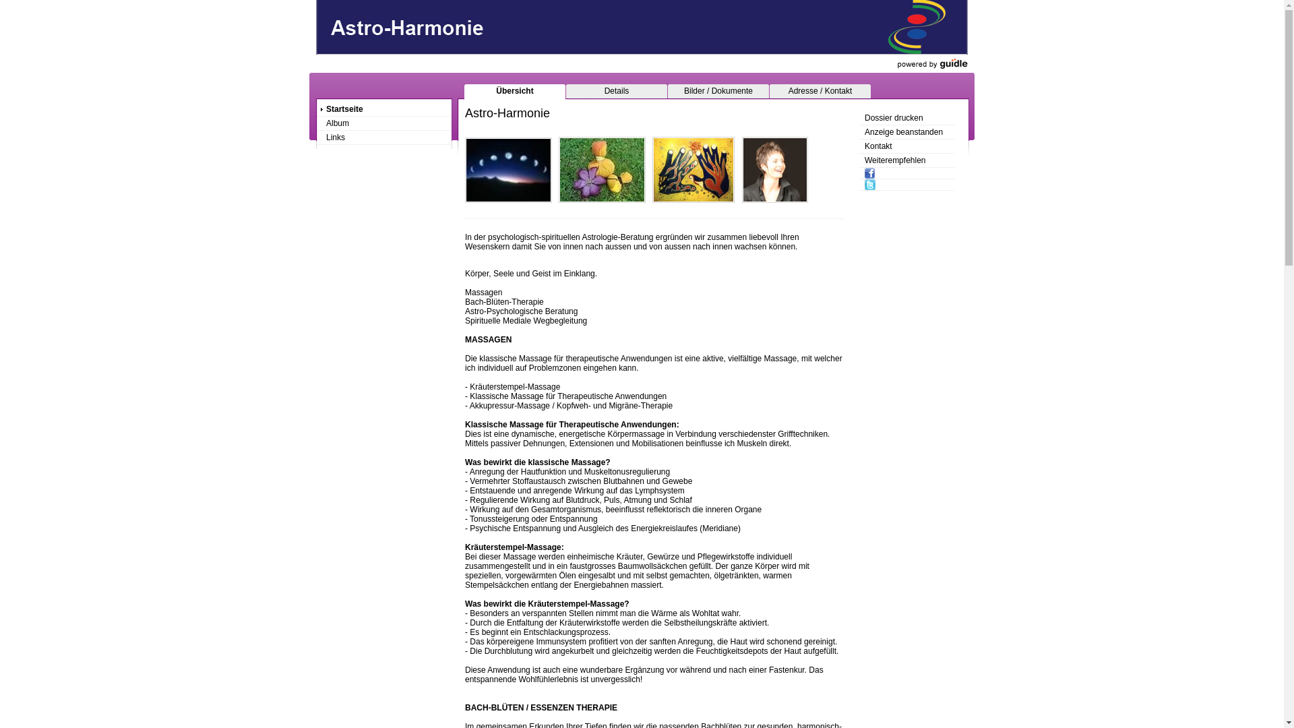 This screenshot has height=728, width=1294. What do you see at coordinates (566, 91) in the screenshot?
I see `'Details'` at bounding box center [566, 91].